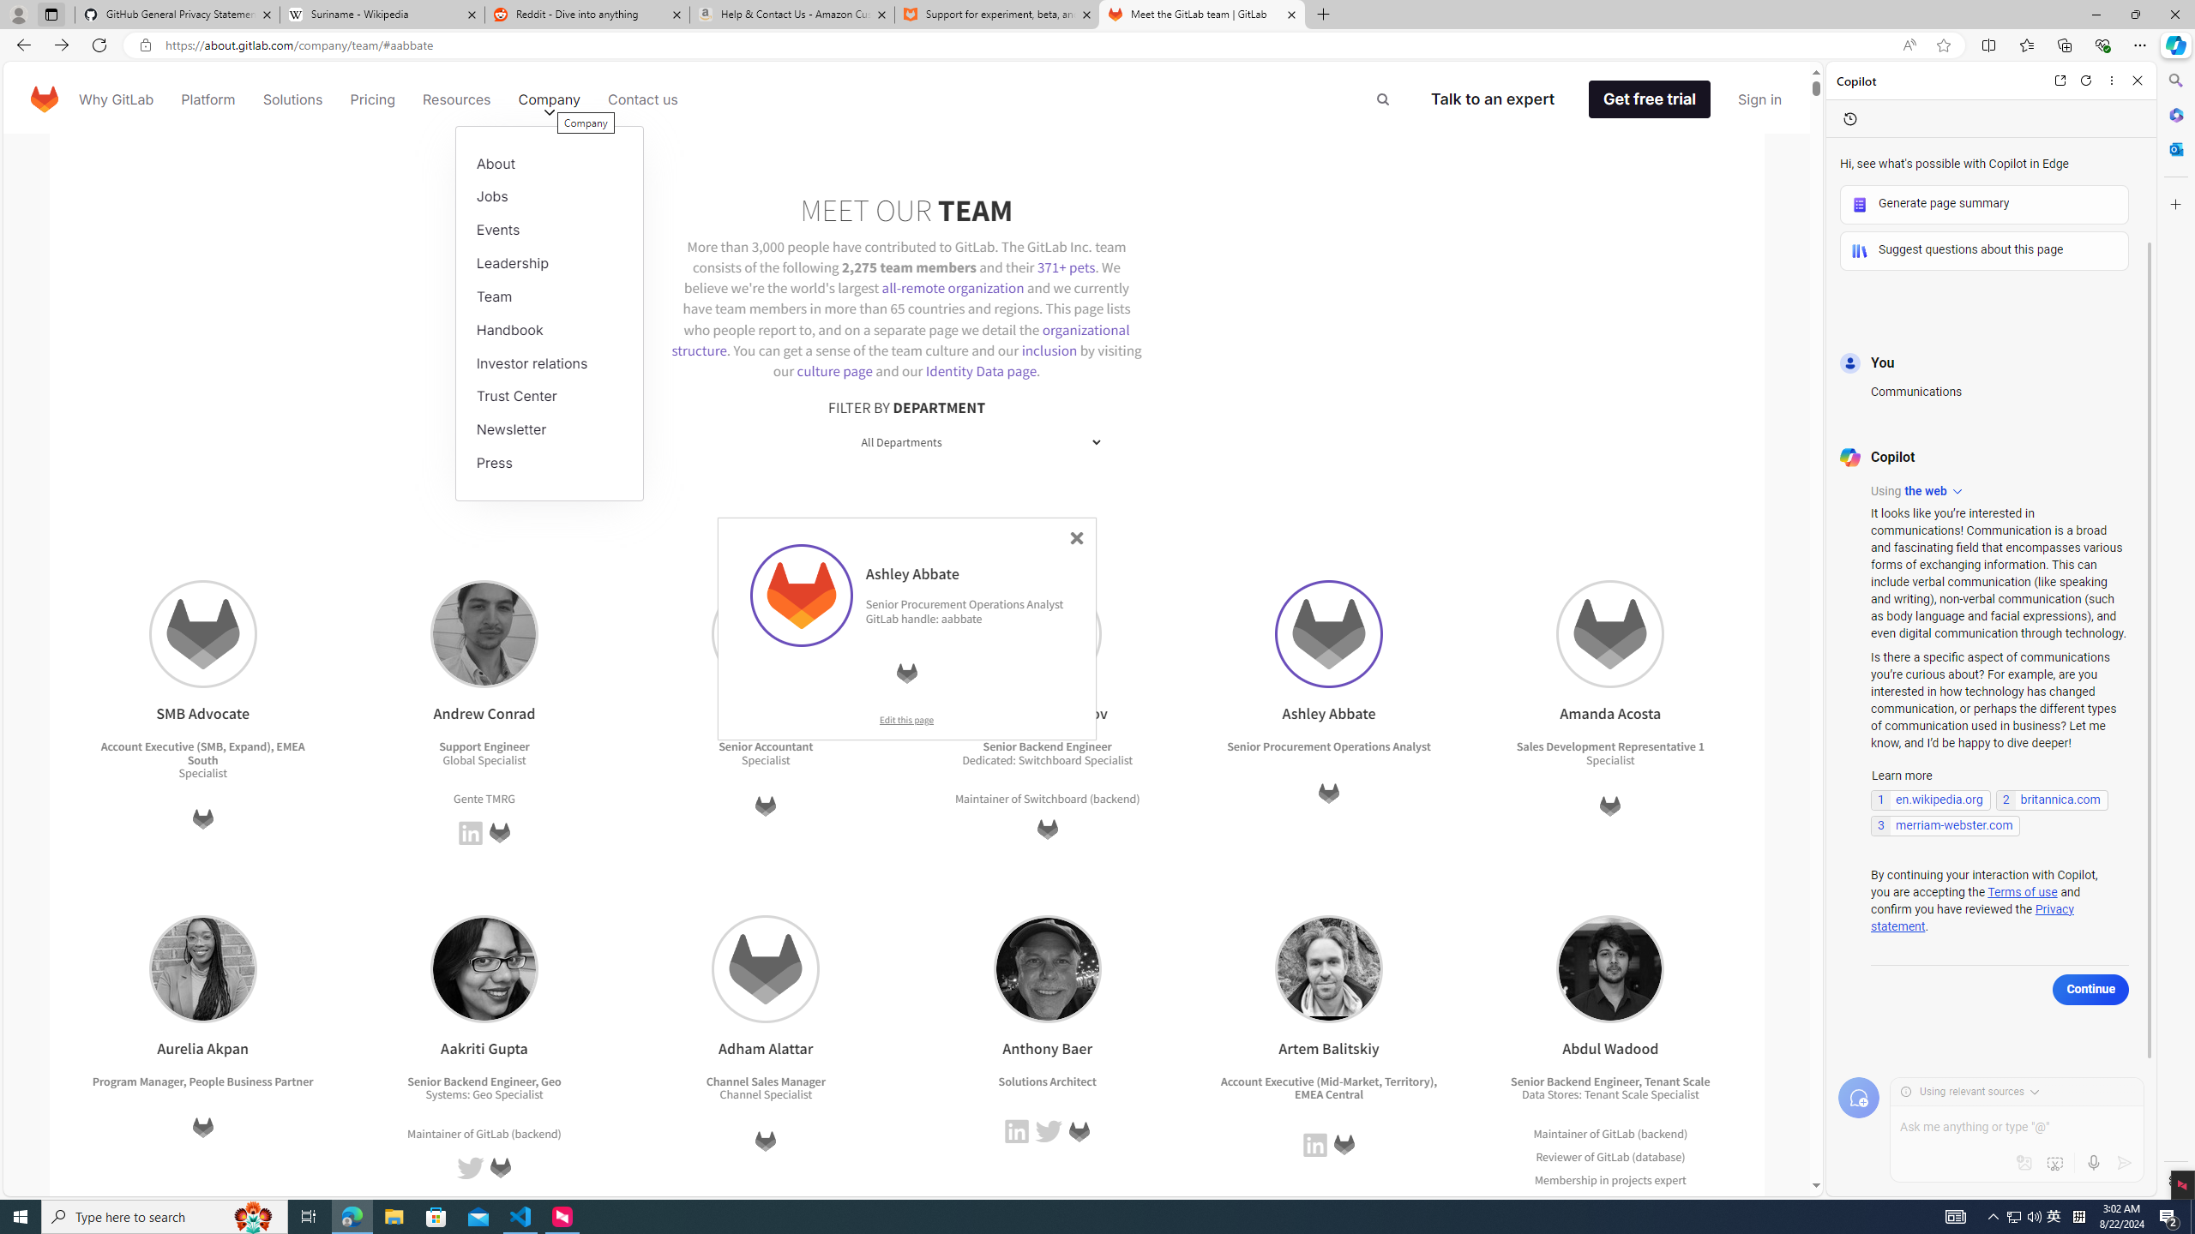 The height and width of the screenshot is (1234, 2195). Describe the element at coordinates (455, 98) in the screenshot. I see `'Resources'` at that location.